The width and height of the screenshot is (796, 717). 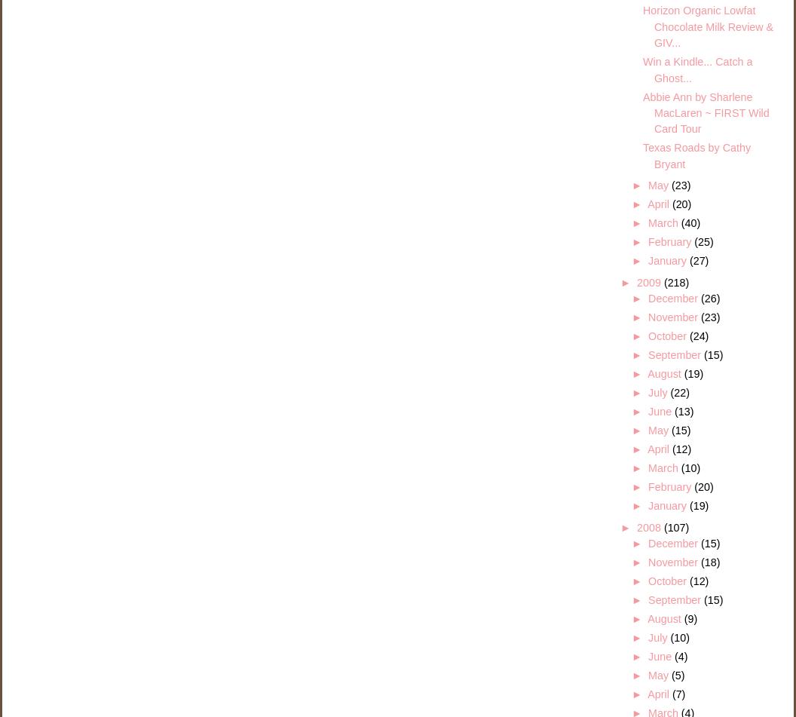 I want to click on '(40)', so click(x=689, y=223).